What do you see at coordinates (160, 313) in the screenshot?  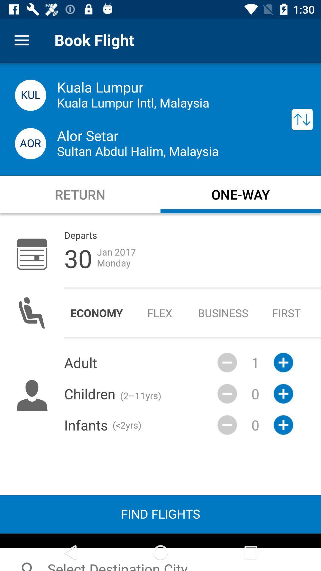 I see `the radio button to the right of economy icon` at bounding box center [160, 313].